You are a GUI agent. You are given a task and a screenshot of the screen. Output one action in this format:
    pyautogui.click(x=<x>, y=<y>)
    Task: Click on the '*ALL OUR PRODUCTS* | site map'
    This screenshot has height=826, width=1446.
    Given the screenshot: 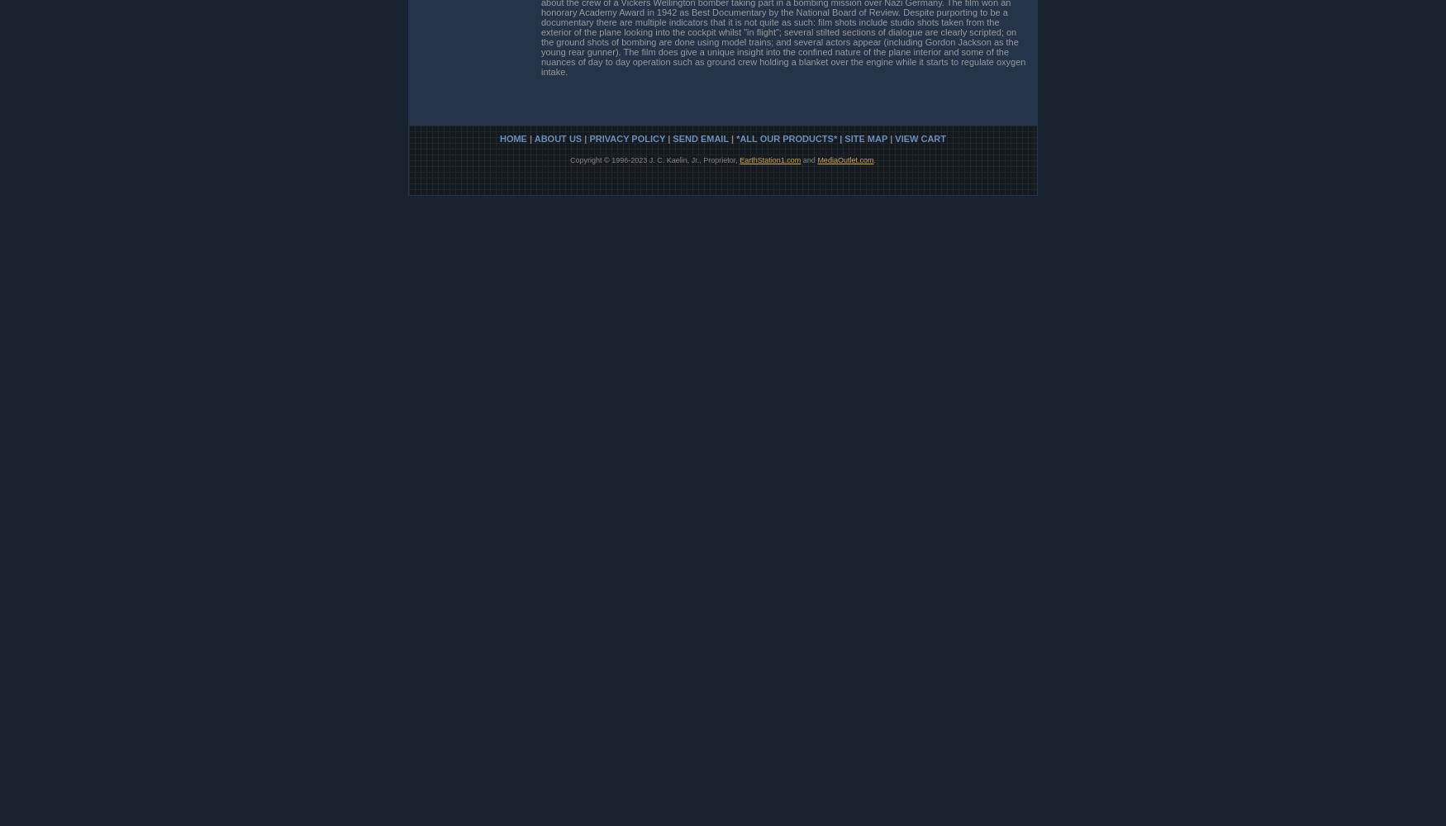 What is the action you would take?
    pyautogui.click(x=735, y=138)
    